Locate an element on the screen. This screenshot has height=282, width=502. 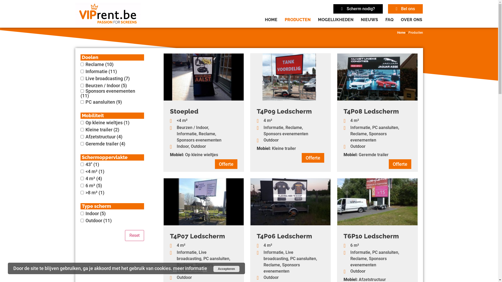
'Scherm nodig?' is located at coordinates (358, 9).